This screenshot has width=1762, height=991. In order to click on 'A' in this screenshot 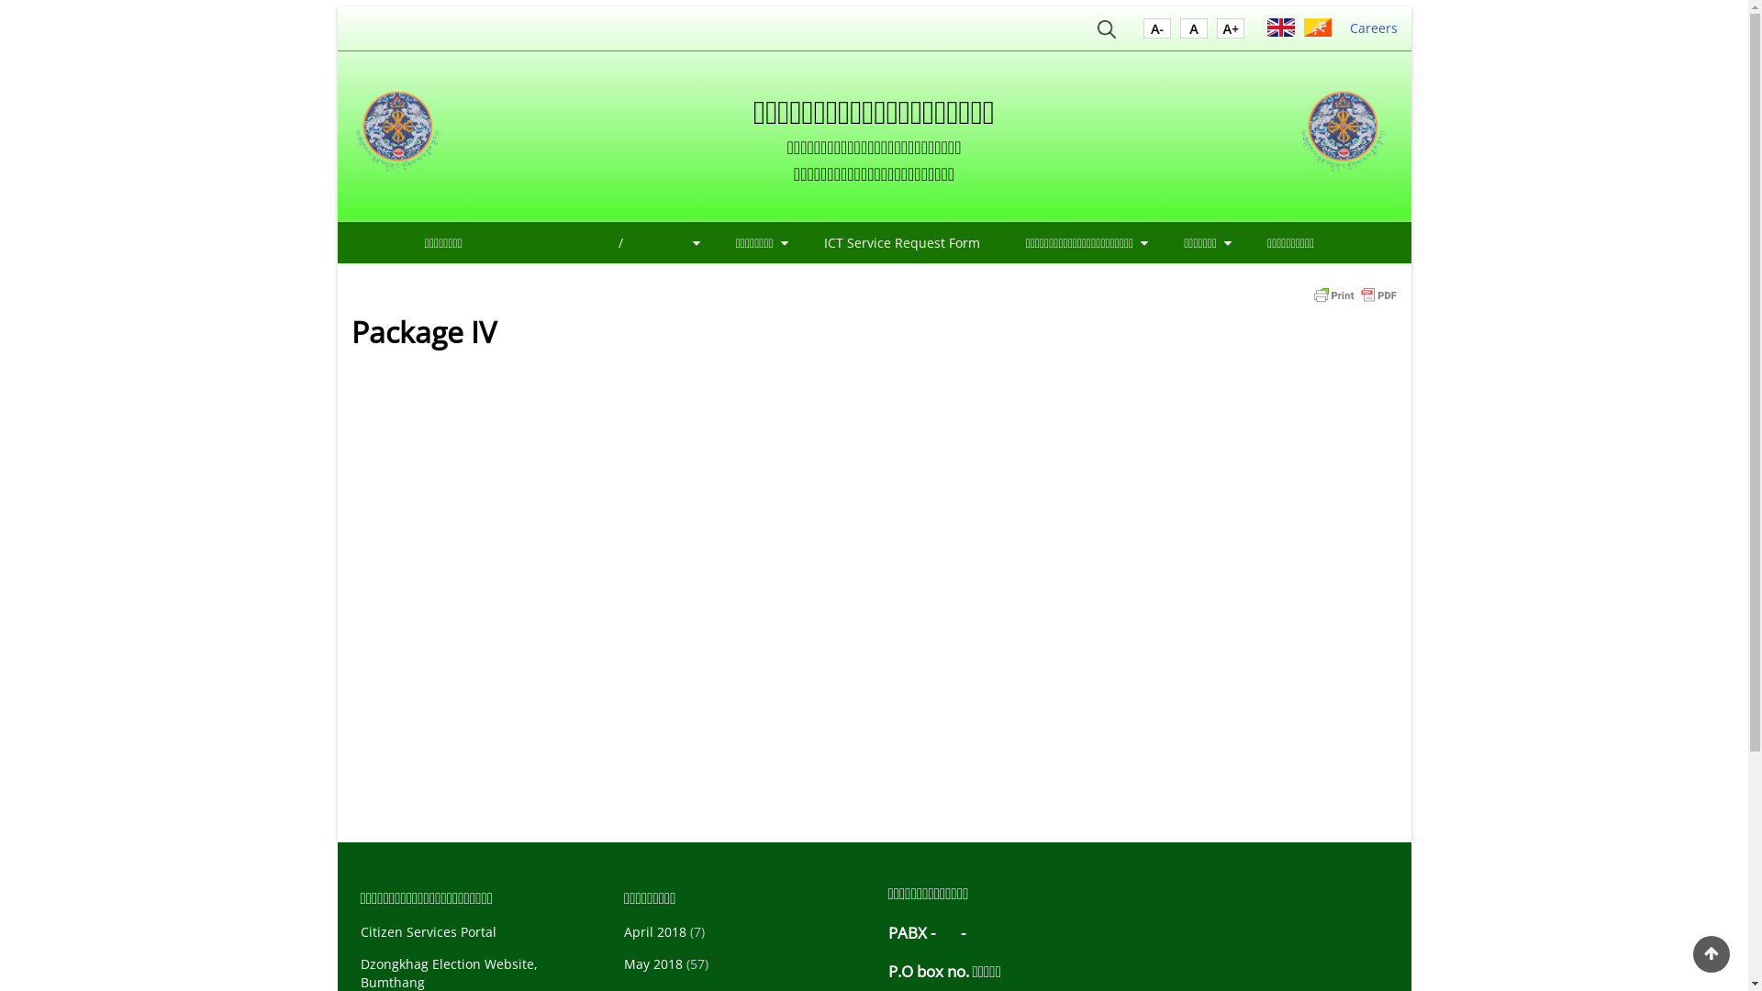, I will do `click(1230, 31)`.